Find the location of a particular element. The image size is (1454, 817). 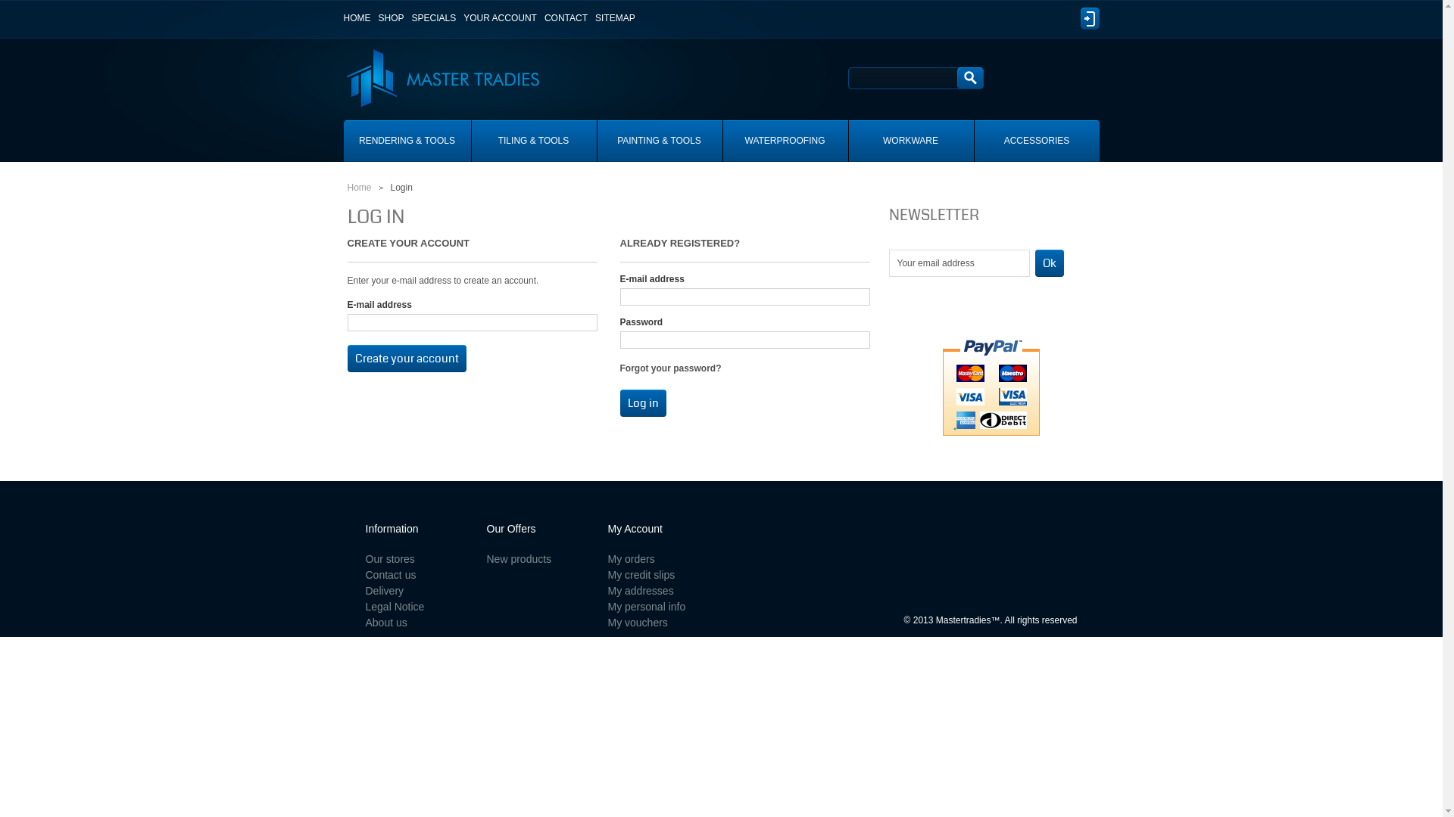

'TILING & TOOLS' is located at coordinates (533, 141).